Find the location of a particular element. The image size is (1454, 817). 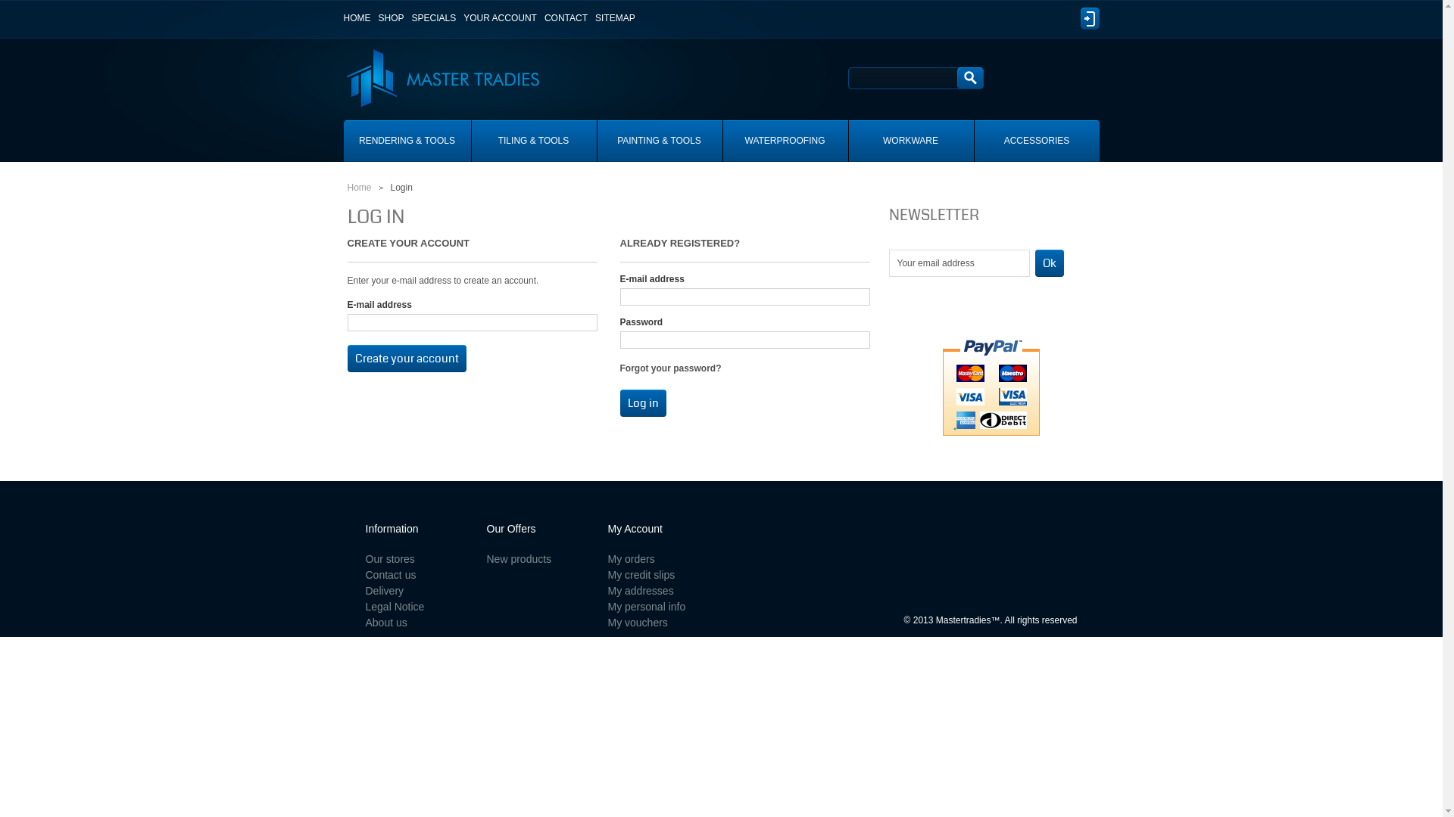

'TILING & TOOLS' is located at coordinates (533, 141).